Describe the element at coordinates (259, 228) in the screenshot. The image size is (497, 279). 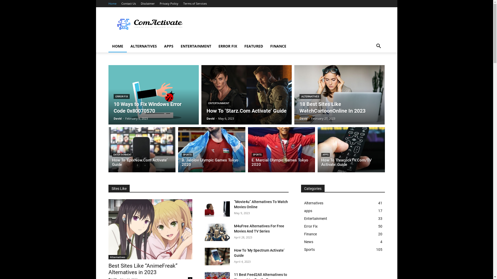
I see `'M4uFree Alternatives For Free Movies And TV Series'` at that location.